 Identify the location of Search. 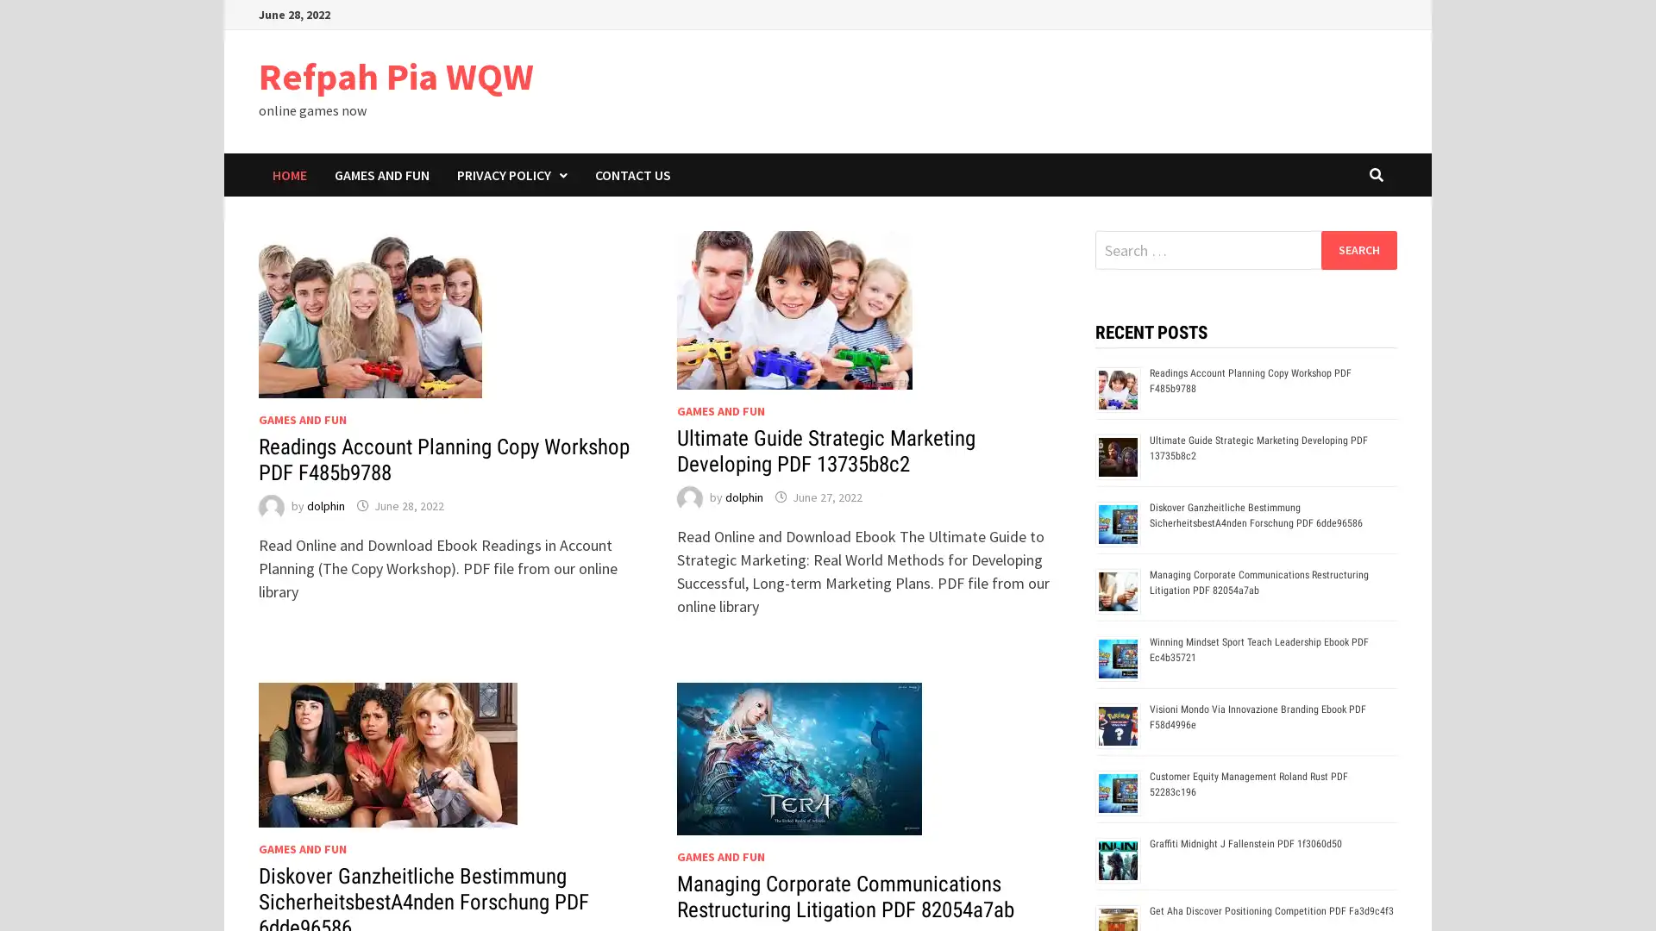
(1358, 249).